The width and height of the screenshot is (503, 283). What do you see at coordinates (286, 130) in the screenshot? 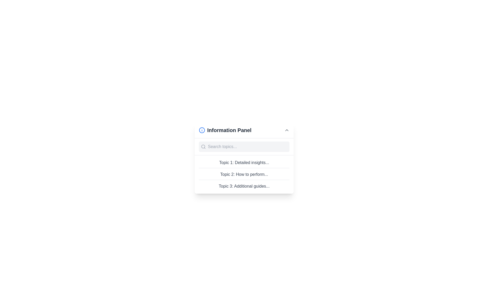
I see `the upward-facing chevron icon button located in the top-right corner of the 'Information Panel'` at bounding box center [286, 130].